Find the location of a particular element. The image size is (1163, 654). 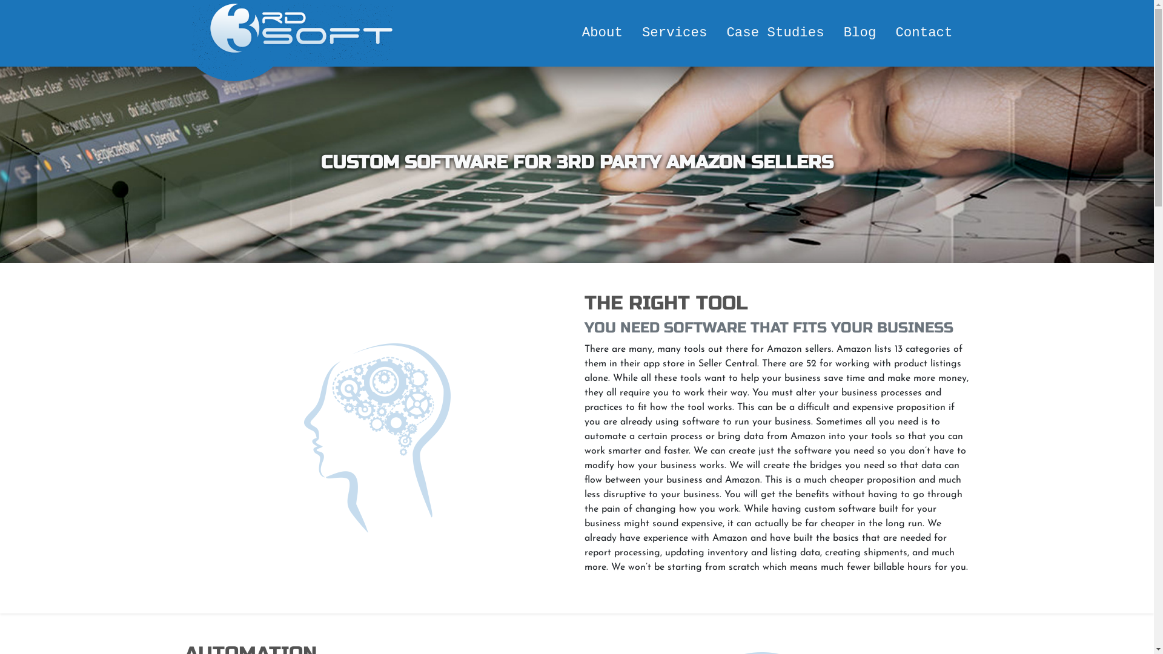

'Case Studies' is located at coordinates (716, 32).